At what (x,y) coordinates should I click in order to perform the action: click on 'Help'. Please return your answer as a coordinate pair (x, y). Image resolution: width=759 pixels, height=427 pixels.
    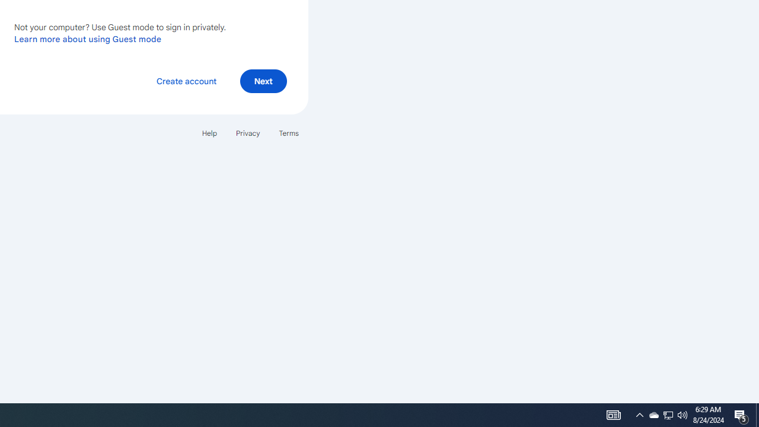
    Looking at the image, I should click on (209, 133).